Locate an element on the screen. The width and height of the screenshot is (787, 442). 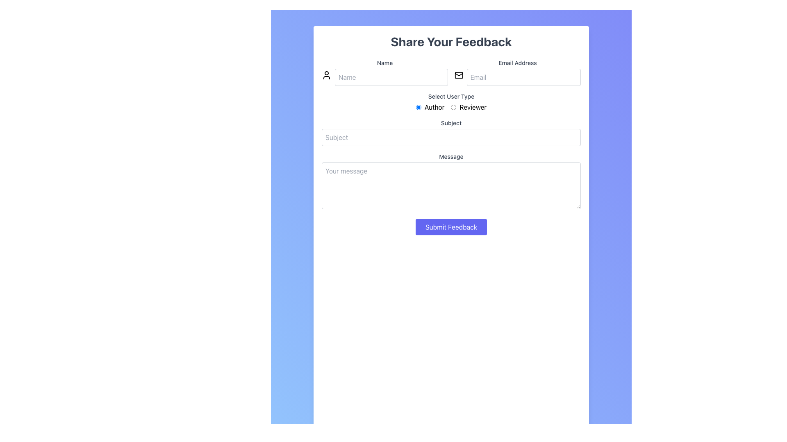
the 'Submit Feedback' button, which is a rectangular button with a blue background and white text, located near the lower center area of the form is located at coordinates (450, 227).